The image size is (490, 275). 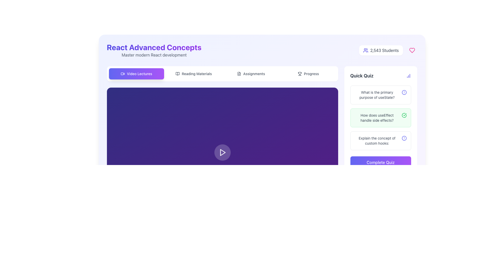 I want to click on the circular icon in the 'Quick Quiz' sidebar, which is styled in indigo and associated with the text 'Explain the concept of custom hooks.', so click(x=404, y=138).